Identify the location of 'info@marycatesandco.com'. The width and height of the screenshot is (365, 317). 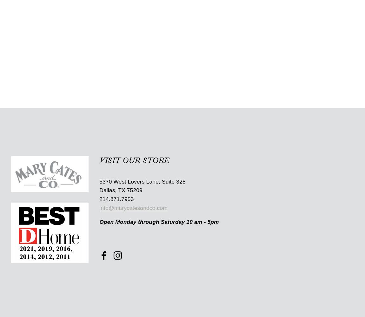
(99, 208).